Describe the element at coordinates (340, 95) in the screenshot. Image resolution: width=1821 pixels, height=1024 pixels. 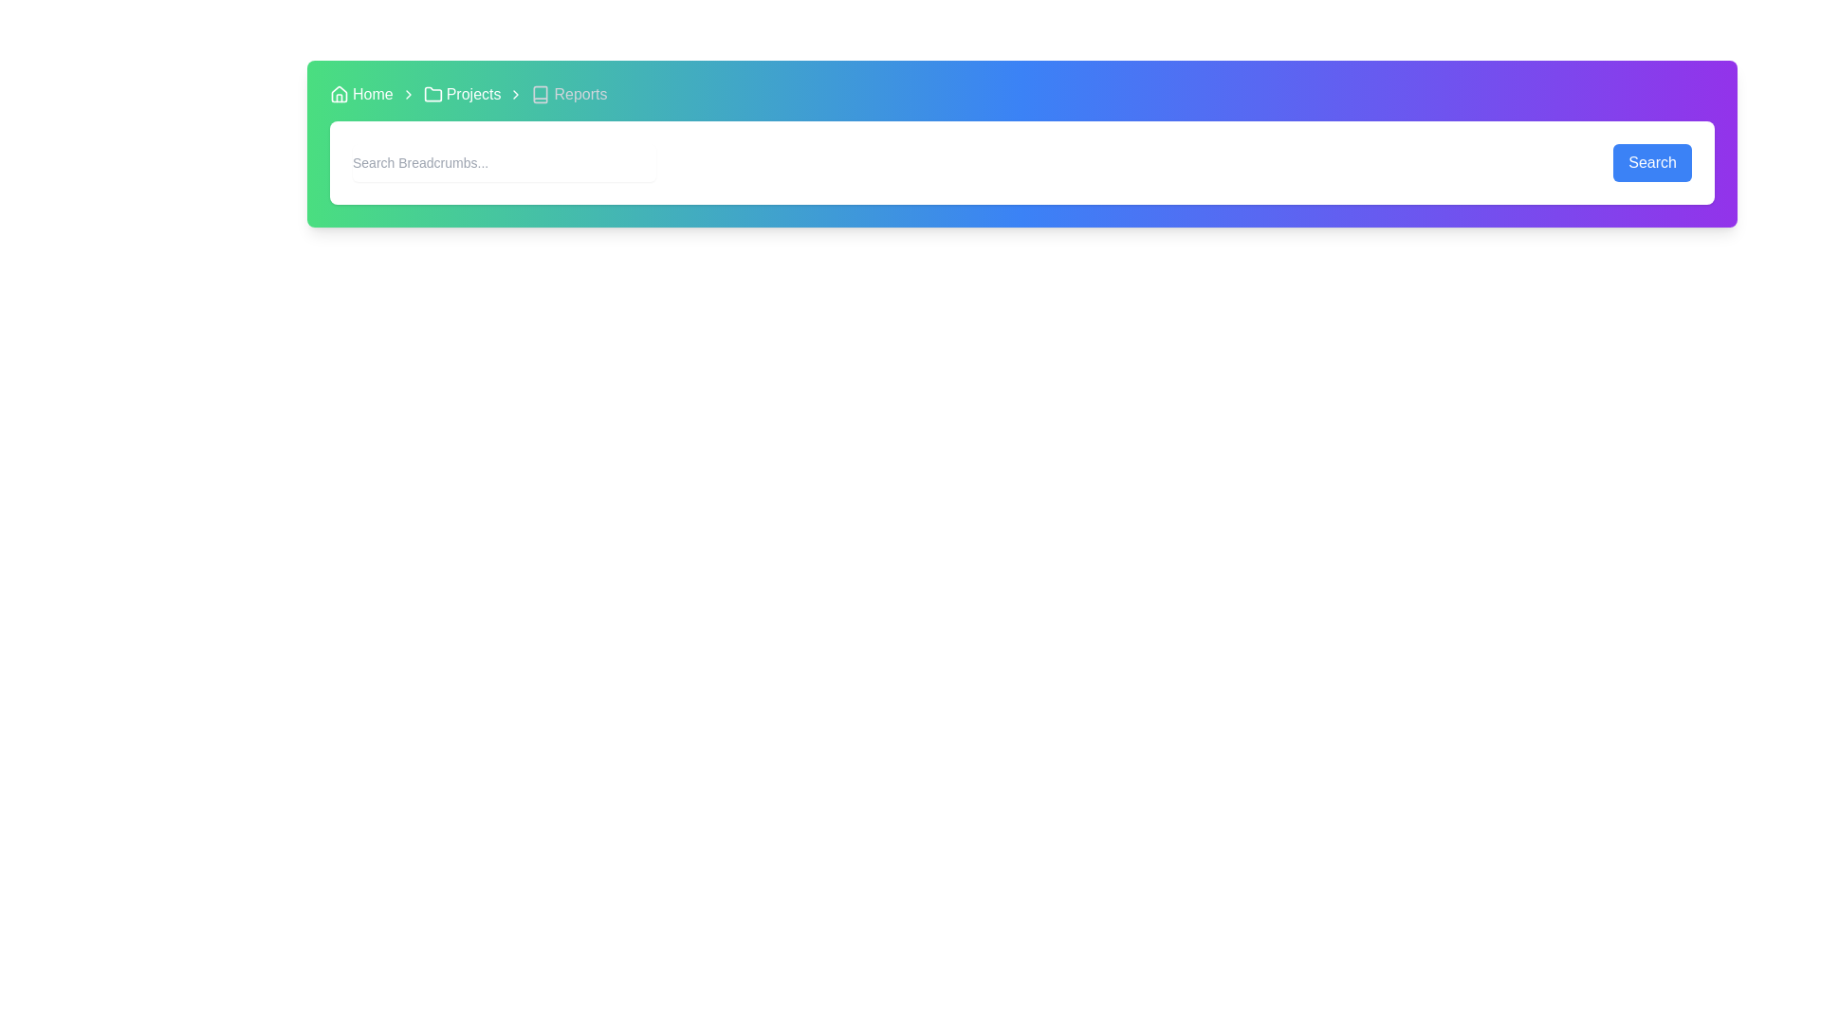
I see `the 'Home' icon located at the top-left of the navigation bar` at that location.